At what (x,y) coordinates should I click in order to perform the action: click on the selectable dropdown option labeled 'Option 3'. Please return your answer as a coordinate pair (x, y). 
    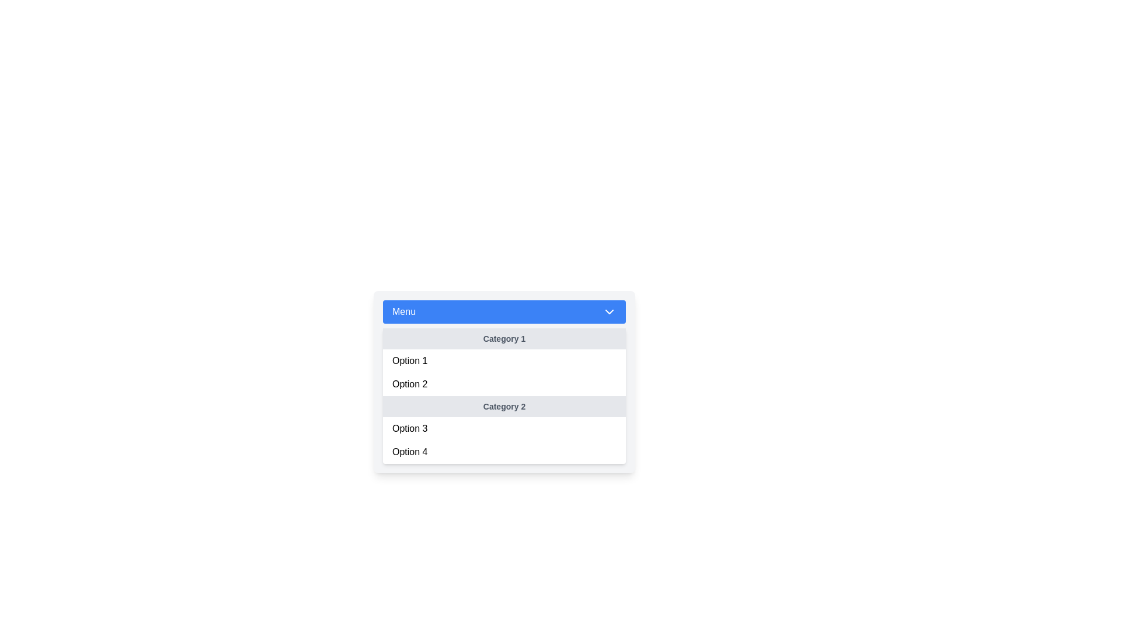
    Looking at the image, I should click on (504, 428).